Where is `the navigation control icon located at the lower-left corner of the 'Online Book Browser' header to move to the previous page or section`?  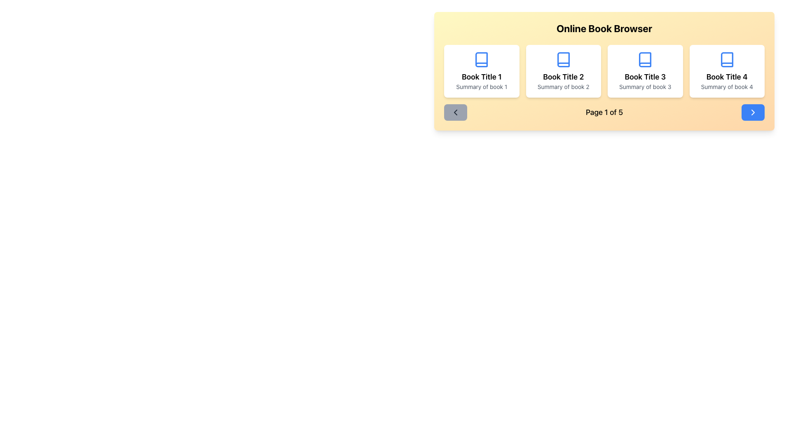
the navigation control icon located at the lower-left corner of the 'Online Book Browser' header to move to the previous page or section is located at coordinates (455, 112).